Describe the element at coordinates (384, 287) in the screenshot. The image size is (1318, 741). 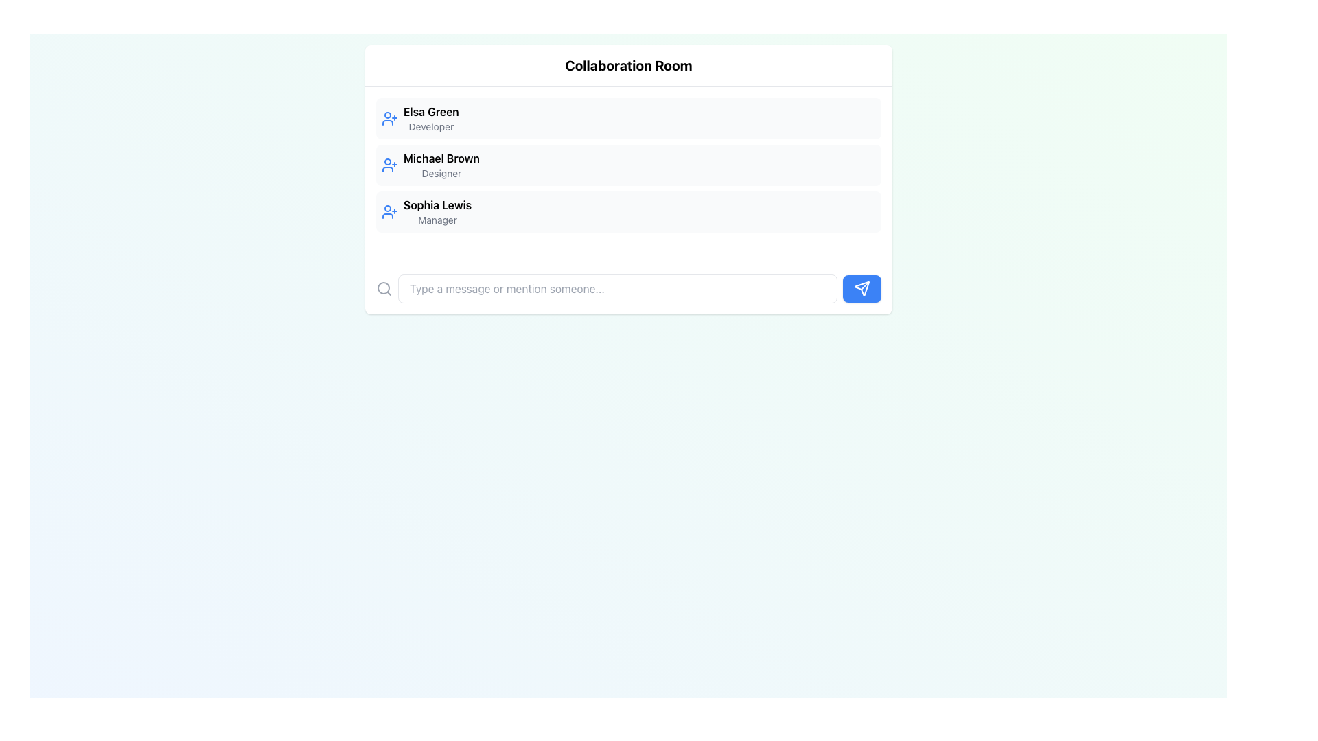
I see `the magnifying glass icon, which has a gray stroke and is positioned at the bottom-left corner of a horizontal input area, just to the left of the text input field` at that location.